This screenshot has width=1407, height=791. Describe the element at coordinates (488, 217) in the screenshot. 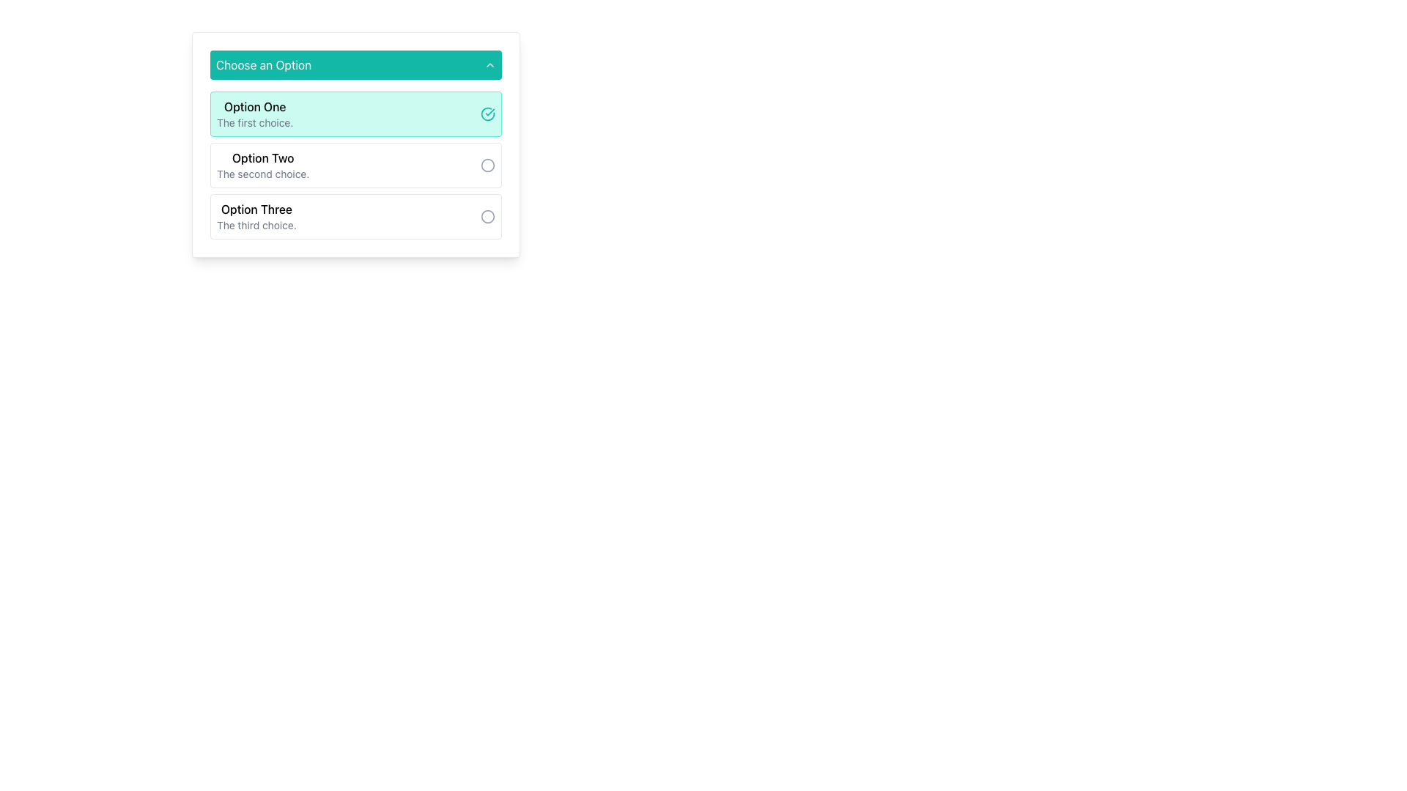

I see `the radio button indicator` at that location.